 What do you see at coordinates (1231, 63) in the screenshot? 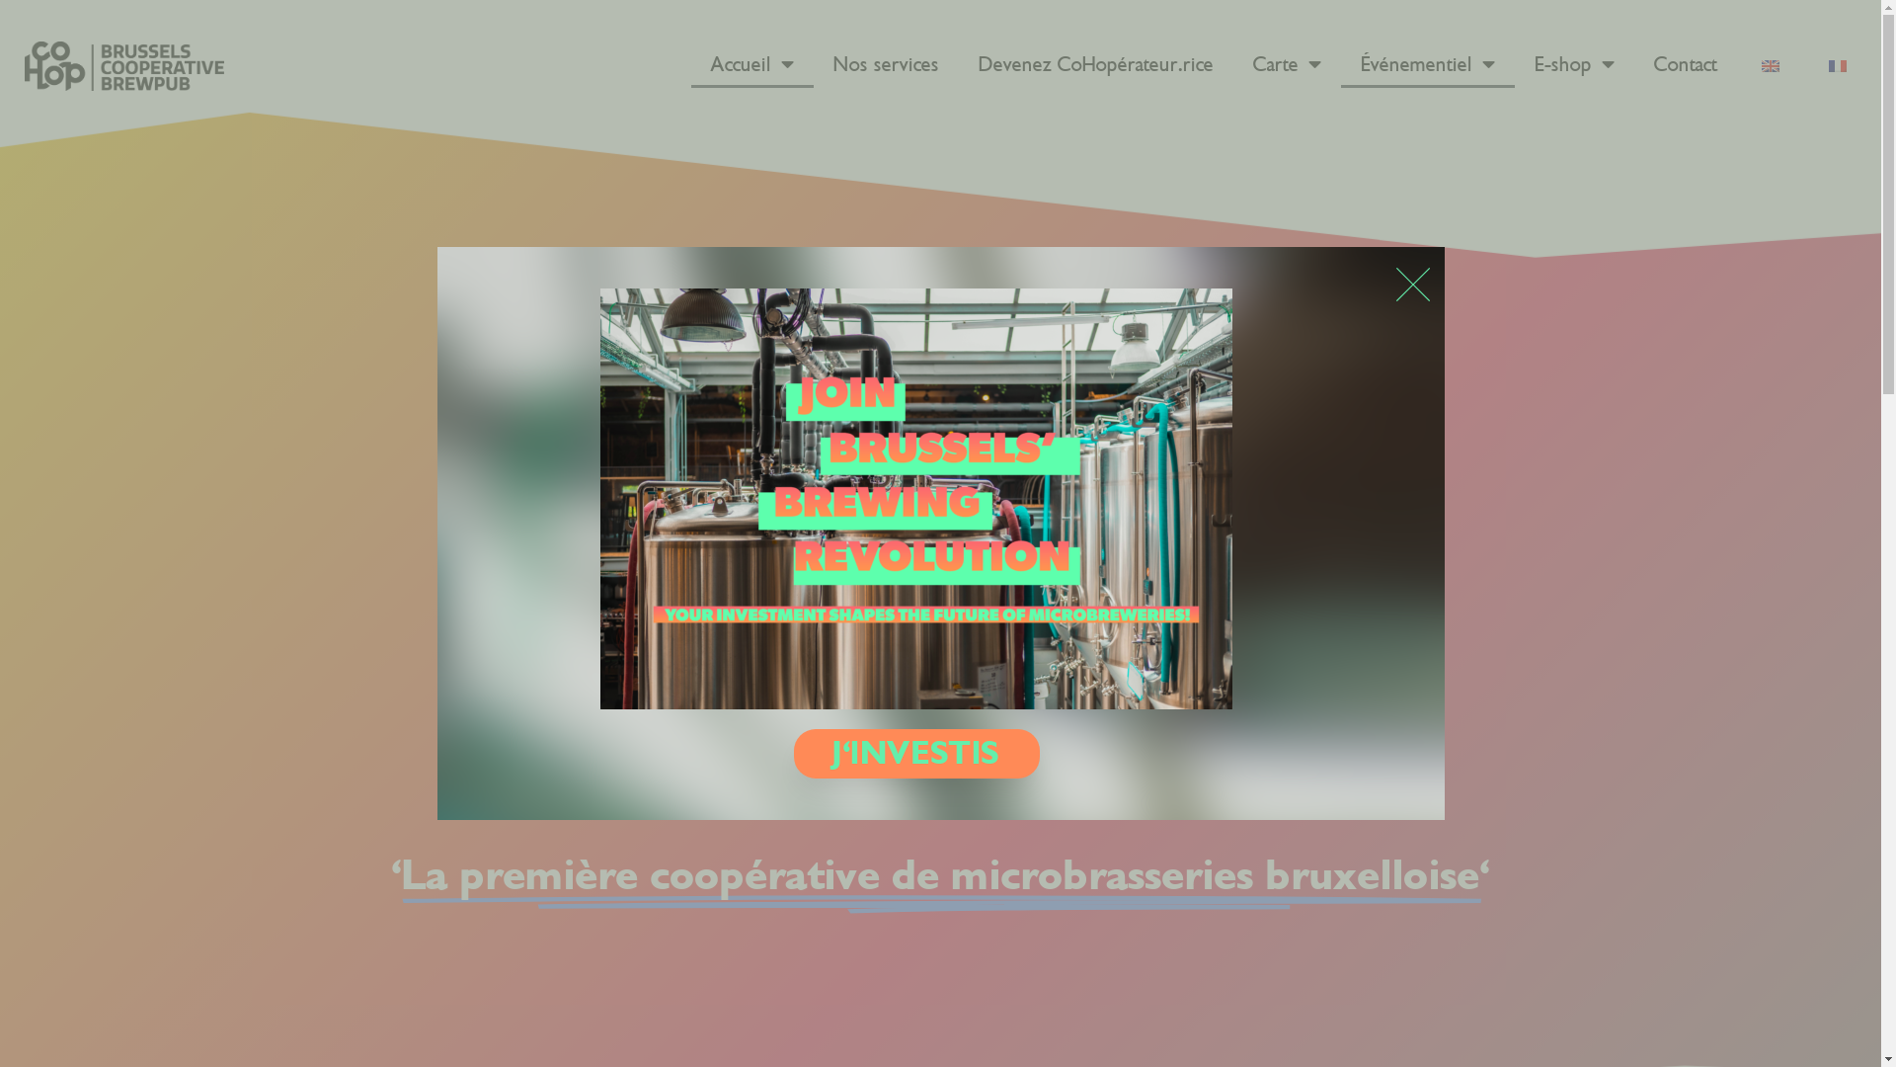
I see `'Carte'` at bounding box center [1231, 63].